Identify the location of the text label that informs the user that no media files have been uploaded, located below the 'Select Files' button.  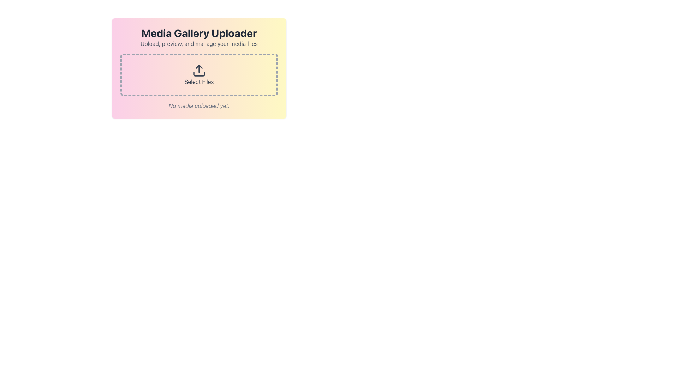
(199, 106).